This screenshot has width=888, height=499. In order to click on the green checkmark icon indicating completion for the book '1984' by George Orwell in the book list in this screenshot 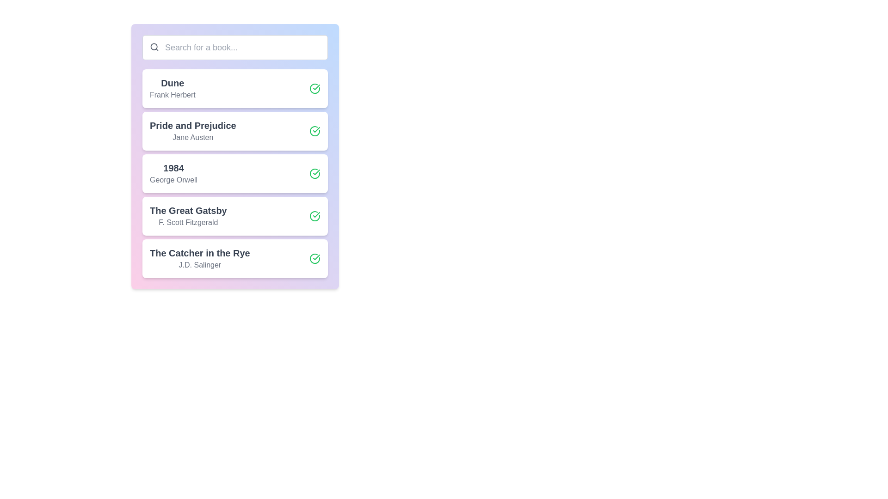, I will do `click(316, 172)`.